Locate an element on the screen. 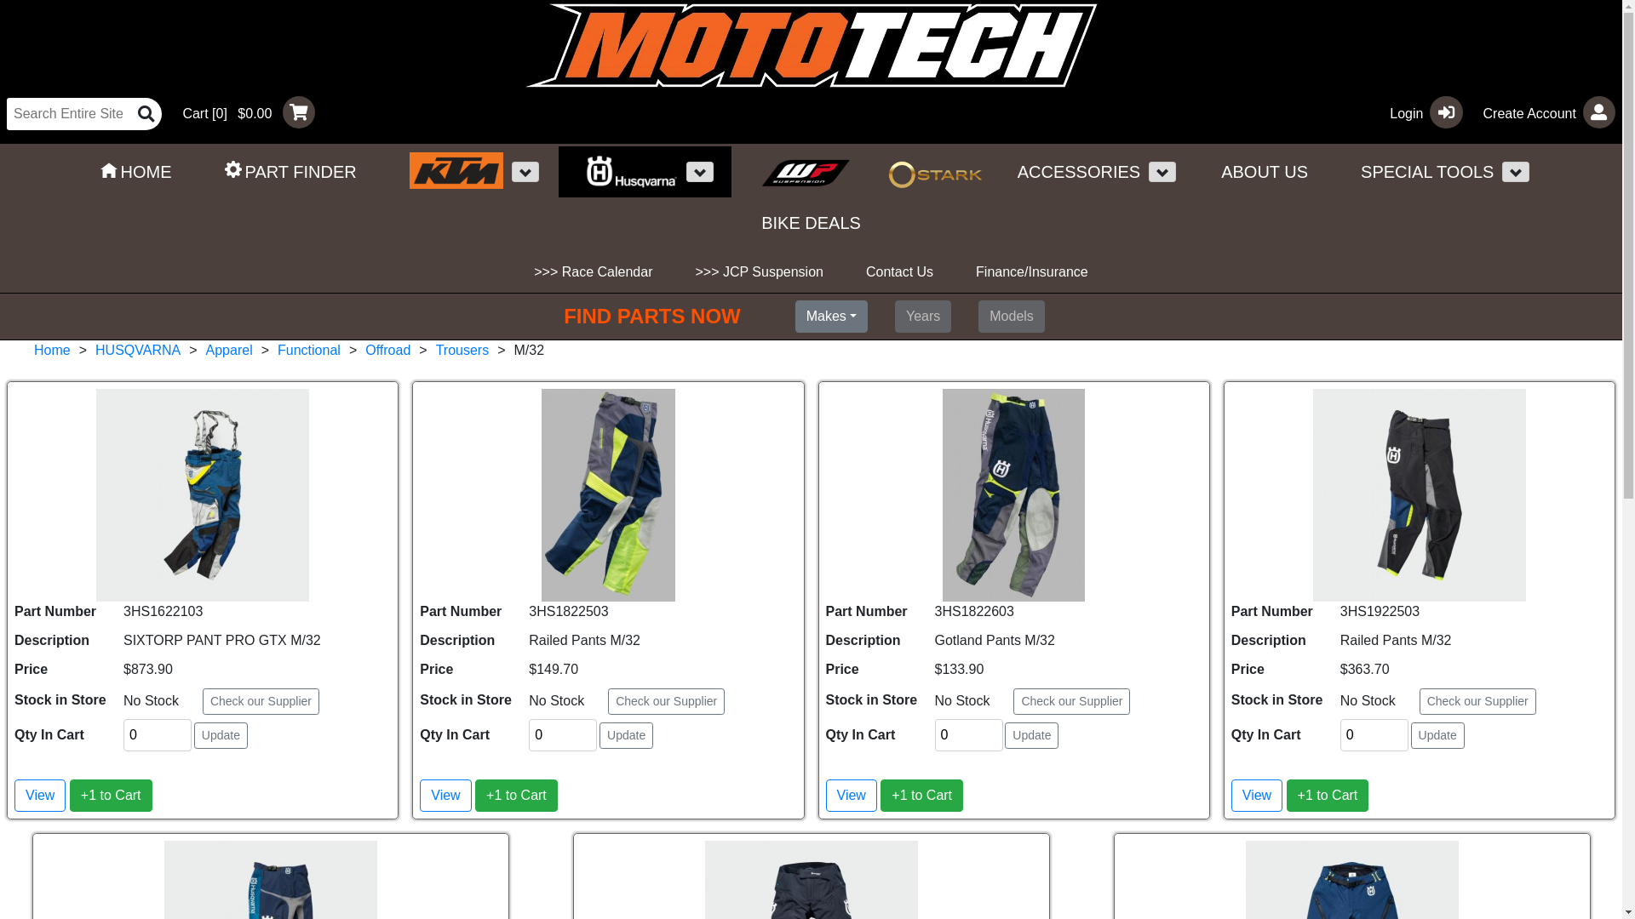 This screenshot has width=1635, height=919. 'Trousers' is located at coordinates (462, 349).